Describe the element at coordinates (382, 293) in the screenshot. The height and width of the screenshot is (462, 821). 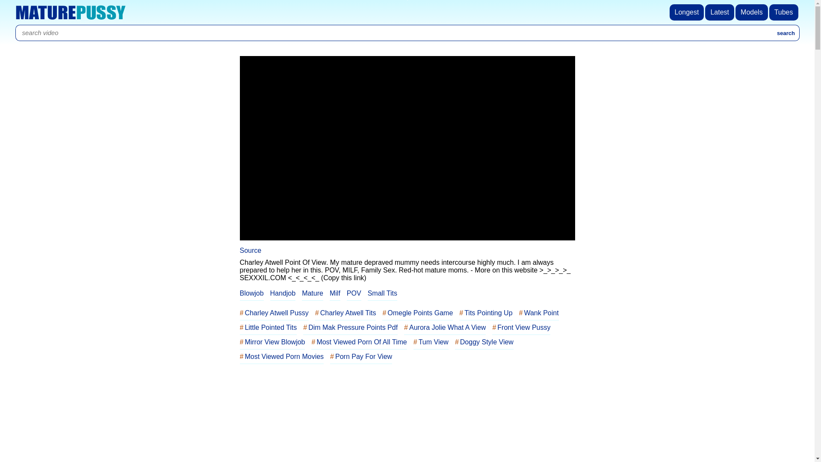
I see `'Small Tits'` at that location.